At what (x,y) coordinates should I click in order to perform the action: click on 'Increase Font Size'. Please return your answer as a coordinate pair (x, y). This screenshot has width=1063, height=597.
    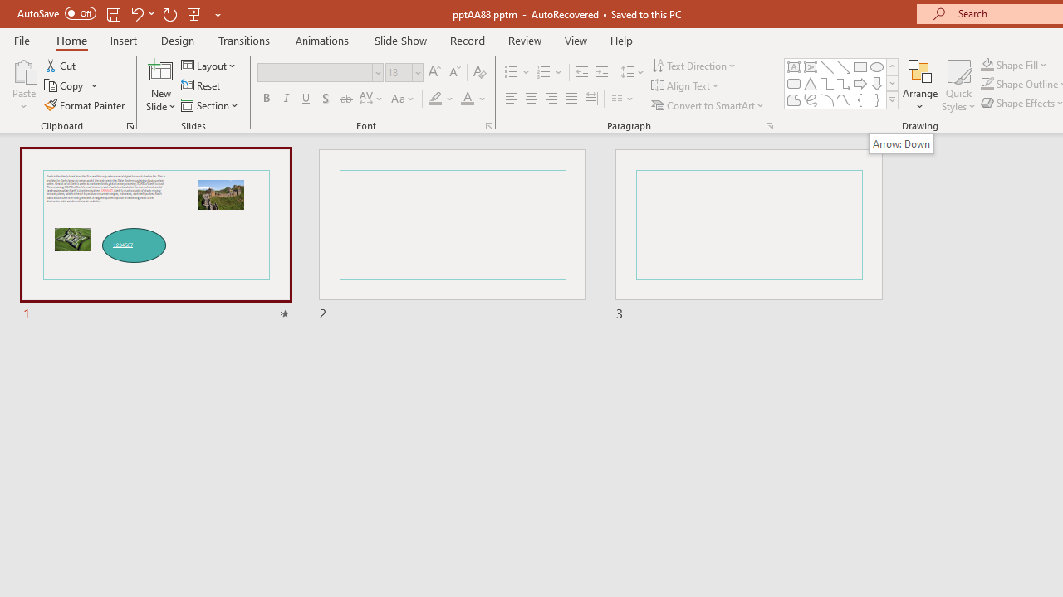
    Looking at the image, I should click on (434, 71).